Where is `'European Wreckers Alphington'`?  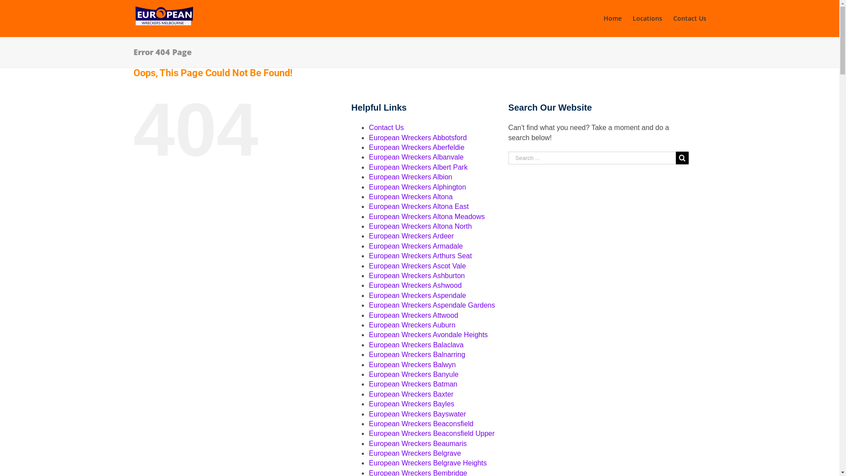 'European Wreckers Alphington' is located at coordinates (416, 186).